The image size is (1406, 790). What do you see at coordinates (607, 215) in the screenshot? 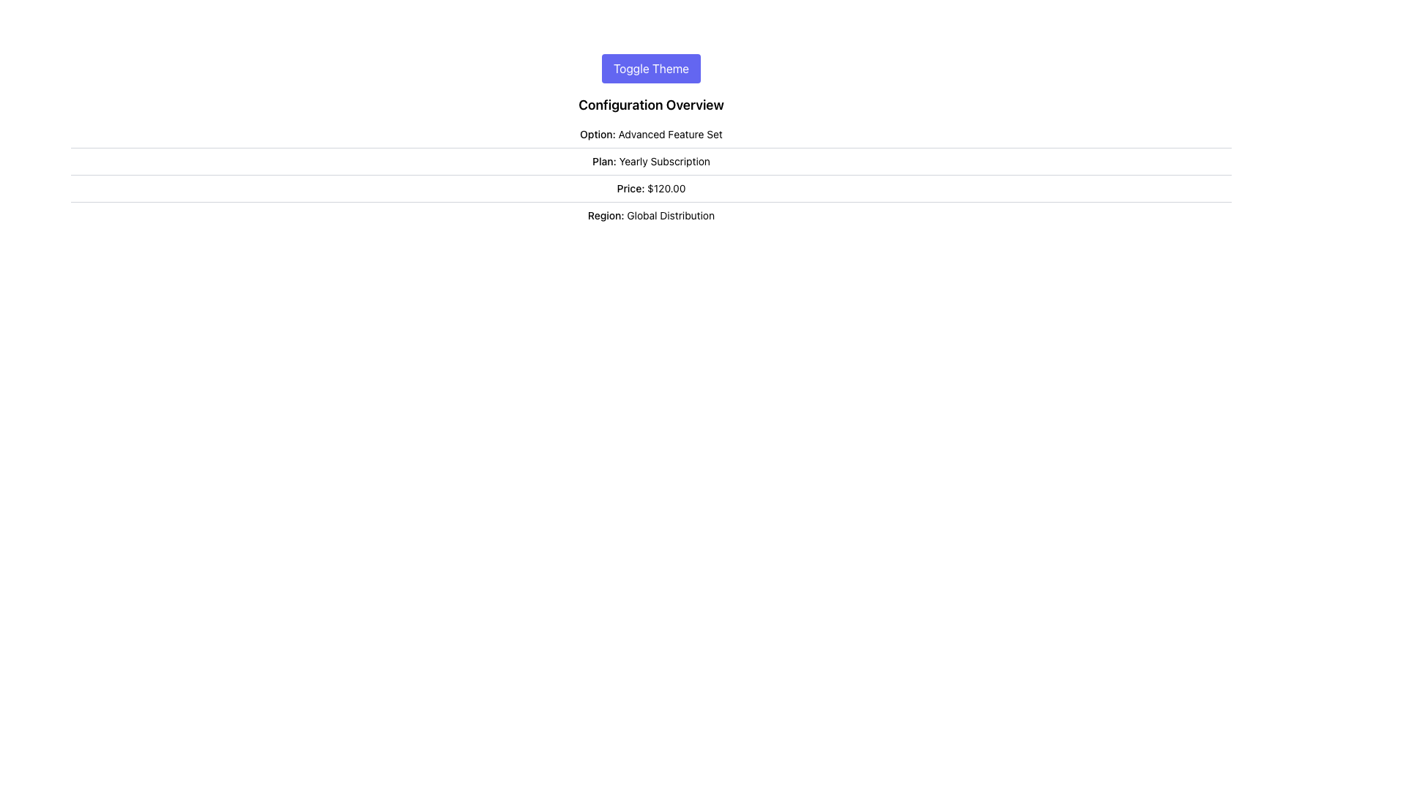
I see `the text label 'Region:' which is styled with medium font weight and is positioned to the left of 'Global Distribution' within the configuration interface` at bounding box center [607, 215].